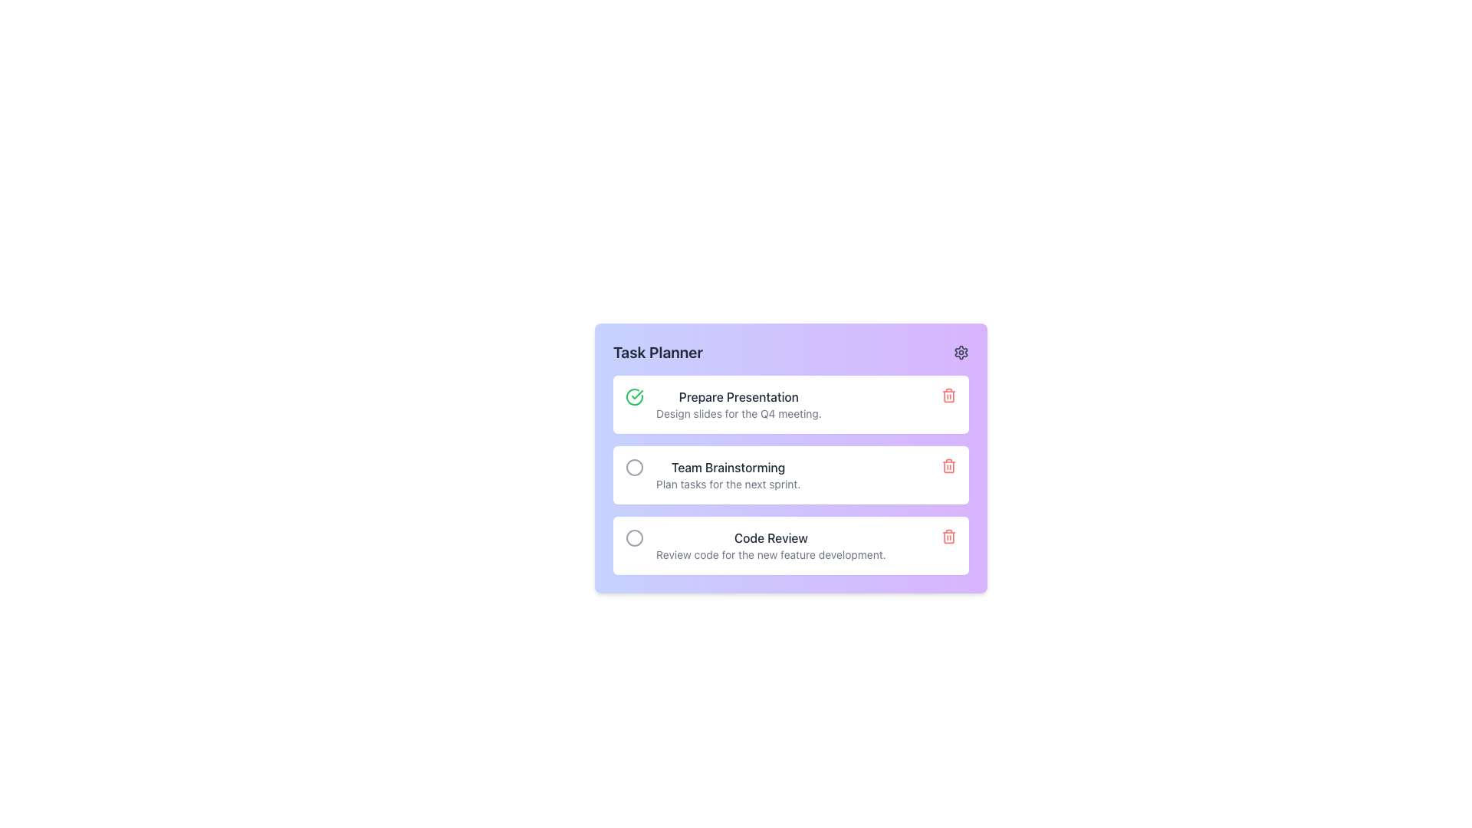  I want to click on the 'Code Review' task display item, which features a bold black title and grey subtitle, positioned within the 'Task Planner' card, so click(770, 545).